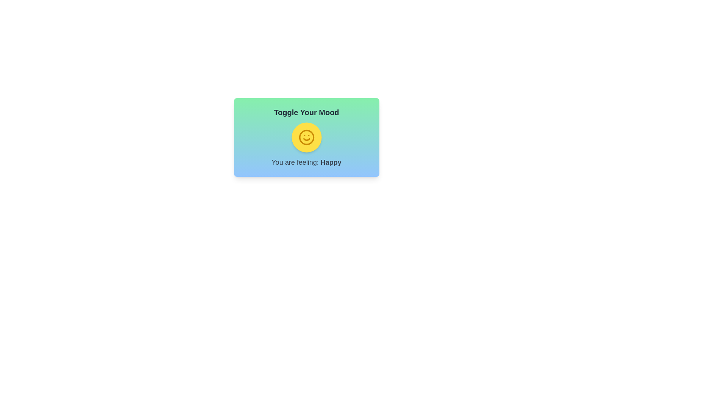 The height and width of the screenshot is (409, 727). Describe the element at coordinates (306, 137) in the screenshot. I see `the mood toggle button` at that location.